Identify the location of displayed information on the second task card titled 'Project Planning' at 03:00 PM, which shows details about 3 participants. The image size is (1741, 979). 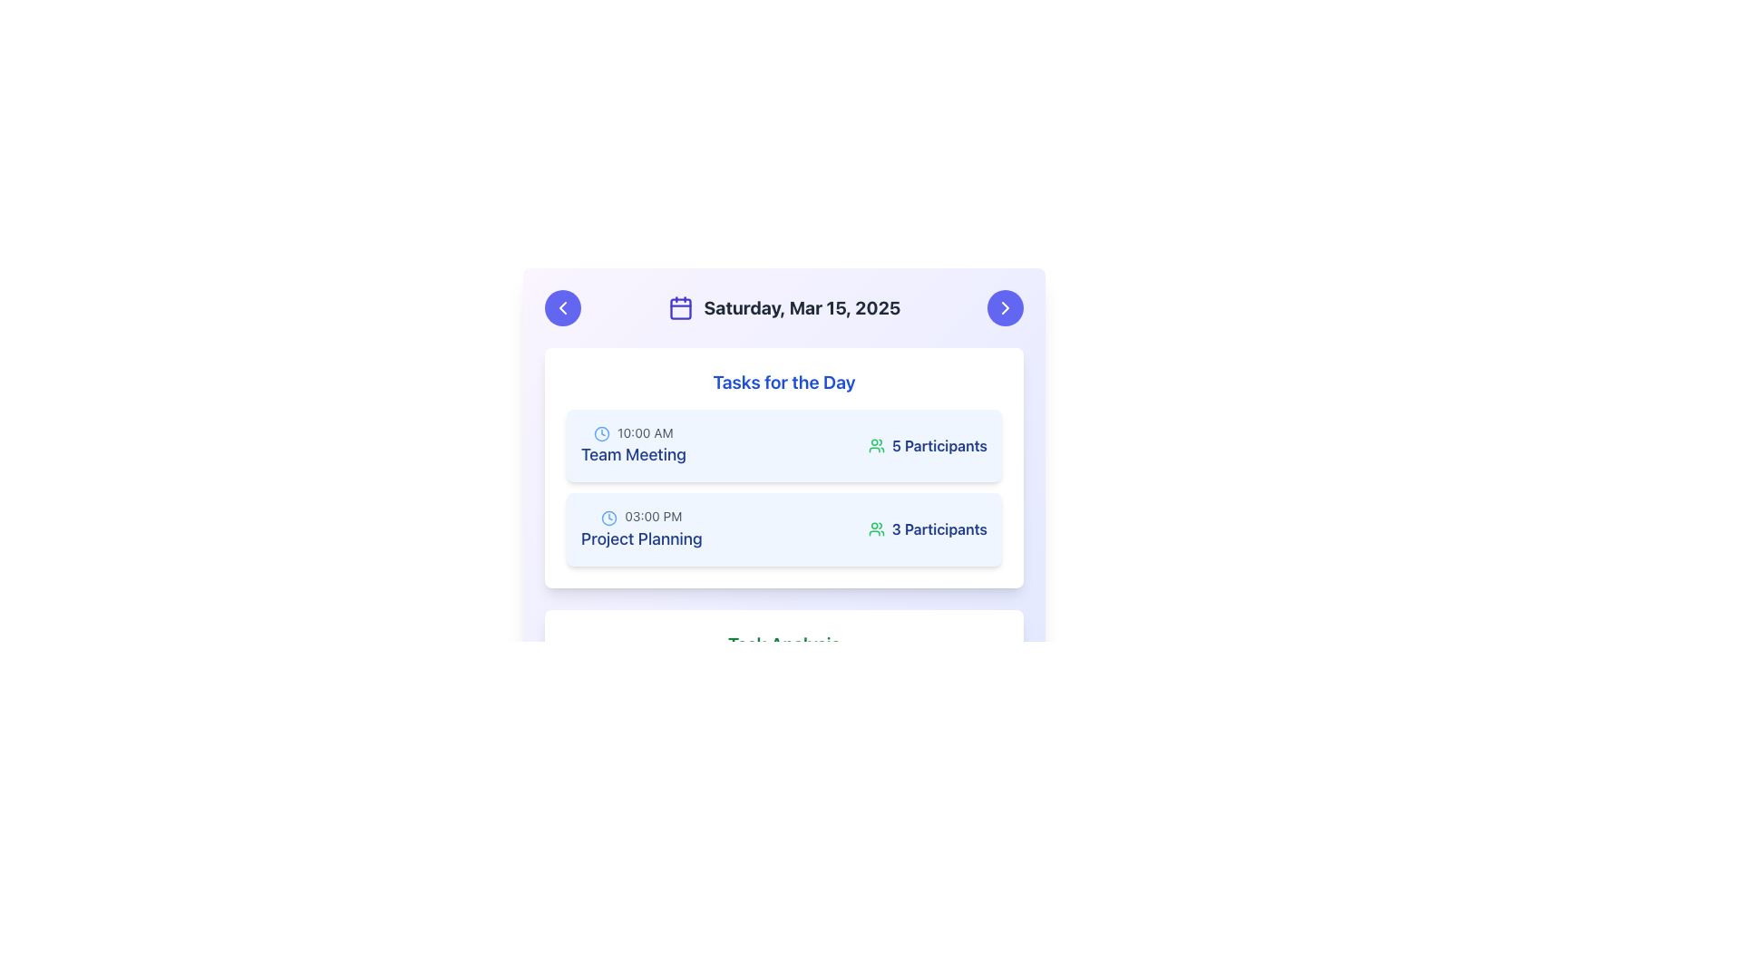
(783, 528).